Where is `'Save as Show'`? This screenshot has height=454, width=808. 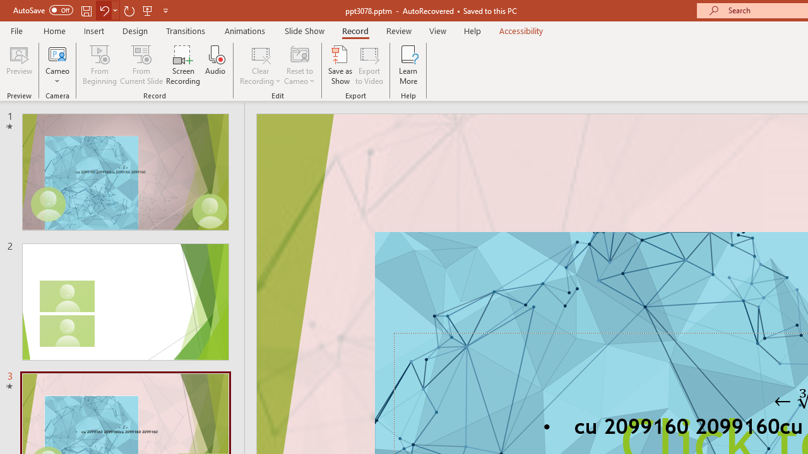
'Save as Show' is located at coordinates (340, 65).